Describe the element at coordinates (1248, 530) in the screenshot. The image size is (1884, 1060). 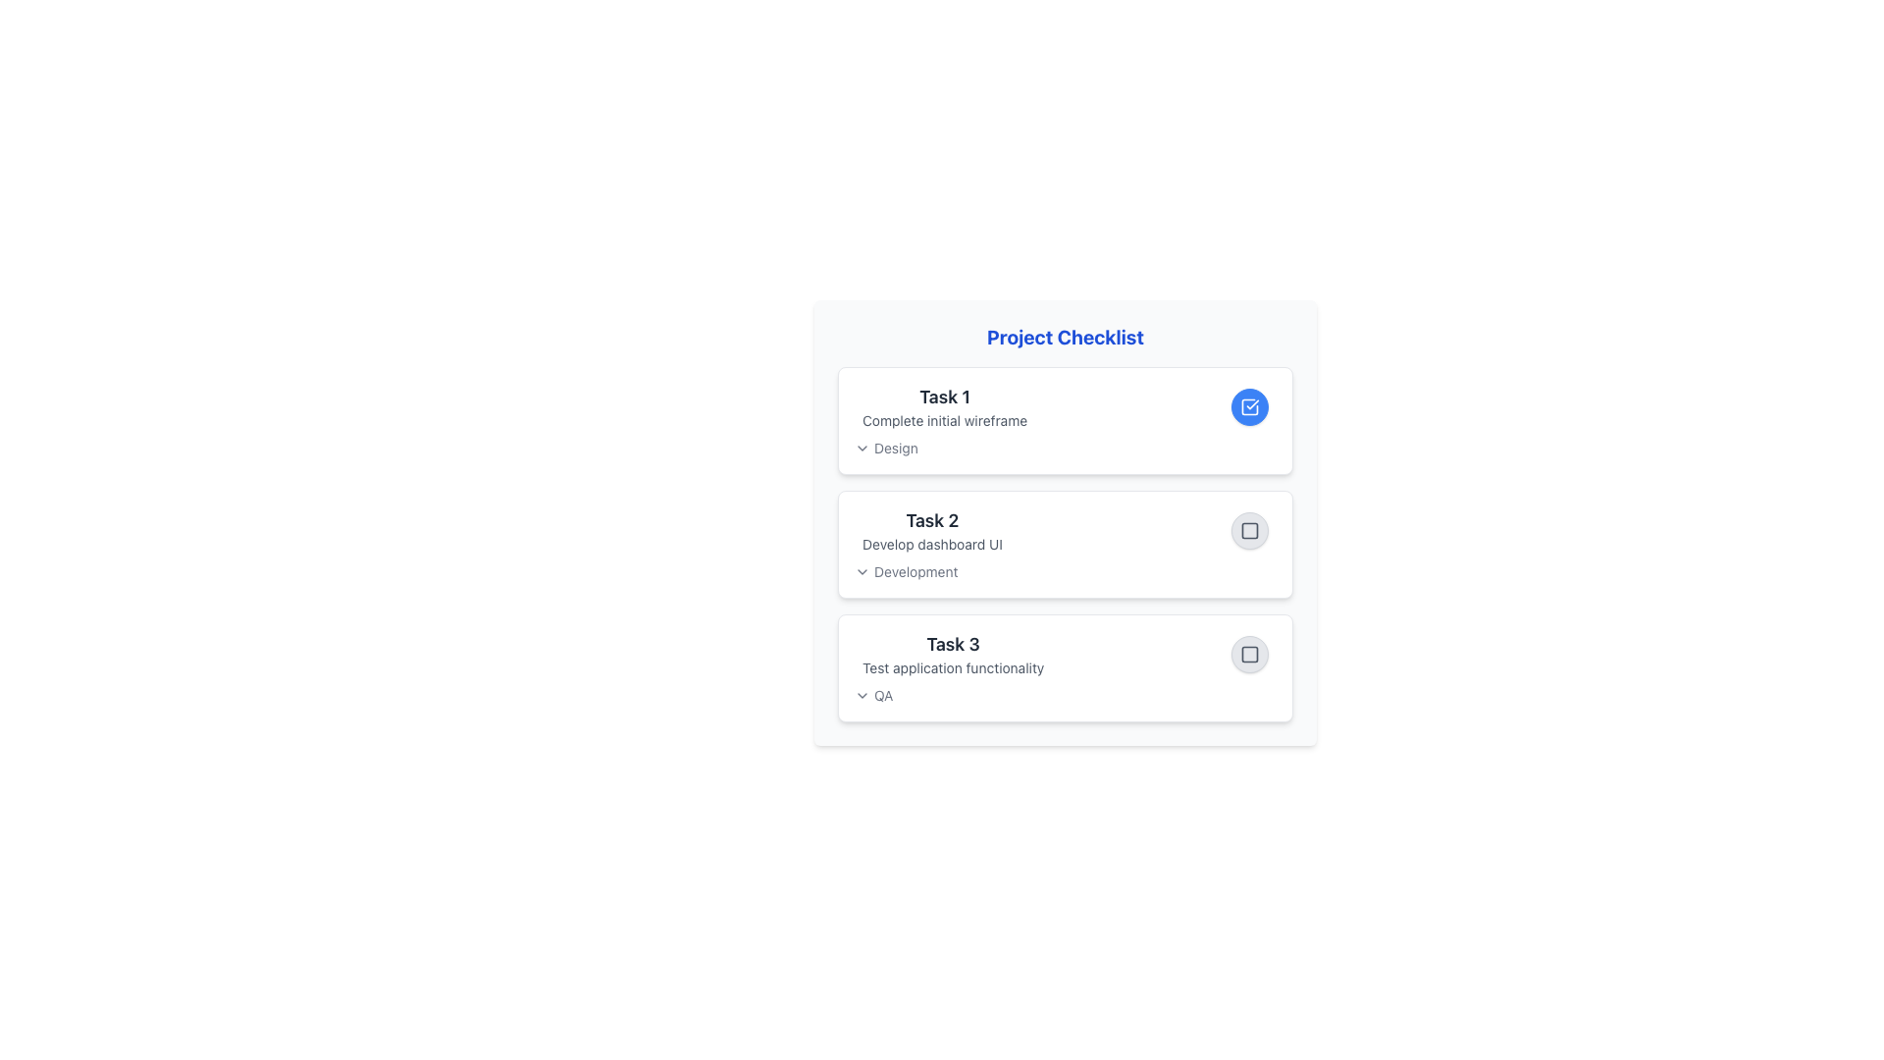
I see `the square-shaped icon with a light gray border and transparent fill, located in the second task item of the checklist interface` at that location.